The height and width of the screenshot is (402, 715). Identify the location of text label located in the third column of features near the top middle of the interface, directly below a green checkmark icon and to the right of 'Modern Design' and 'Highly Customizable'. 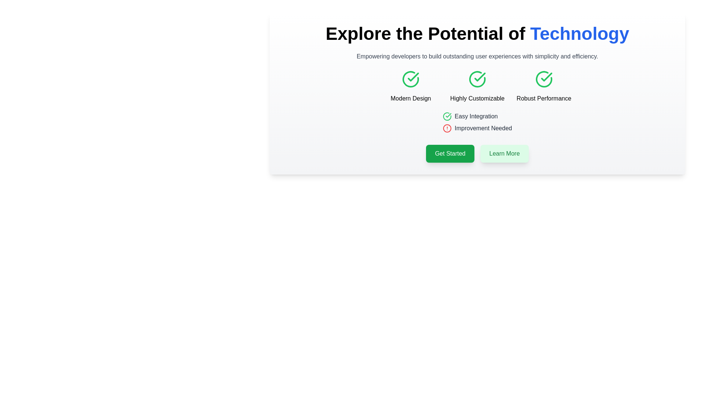
(544, 98).